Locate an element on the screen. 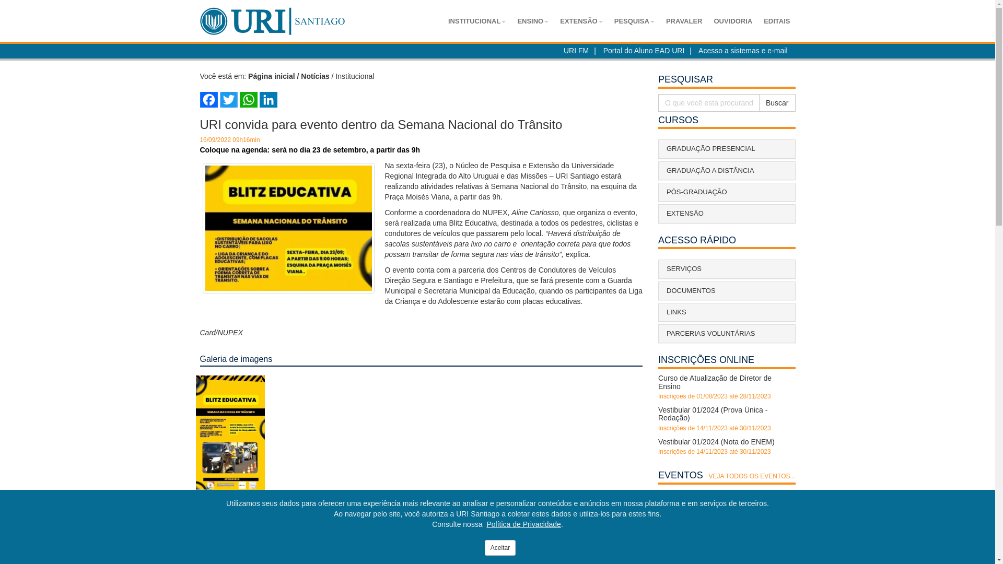 The width and height of the screenshot is (1003, 564). 'VEJA TODOS OS EVENTOS...' is located at coordinates (751, 476).